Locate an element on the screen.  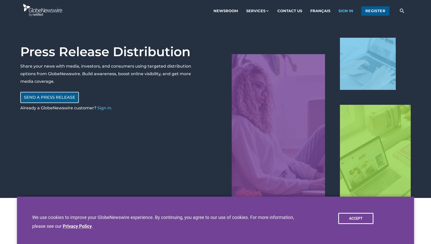
'Français' is located at coordinates (320, 11).